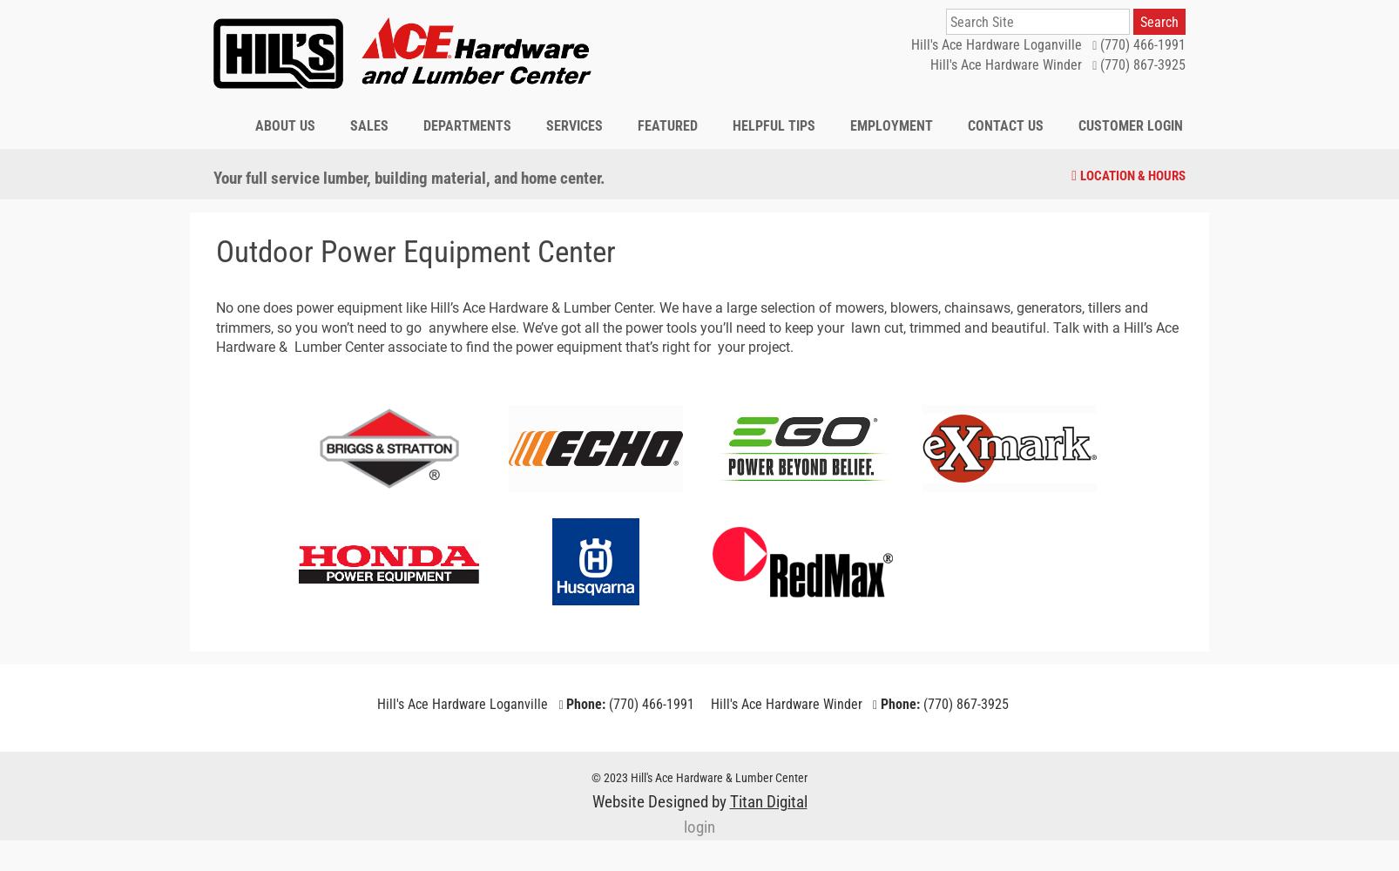 The image size is (1399, 871). What do you see at coordinates (610, 778) in the screenshot?
I see `'© 2023'` at bounding box center [610, 778].